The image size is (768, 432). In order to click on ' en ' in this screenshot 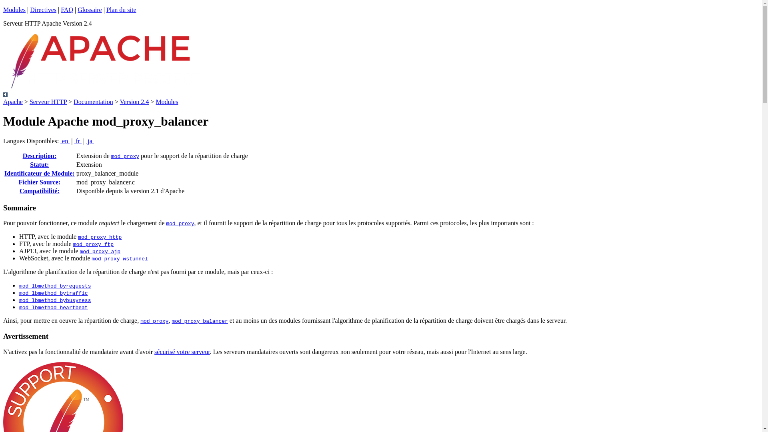, I will do `click(65, 140)`.